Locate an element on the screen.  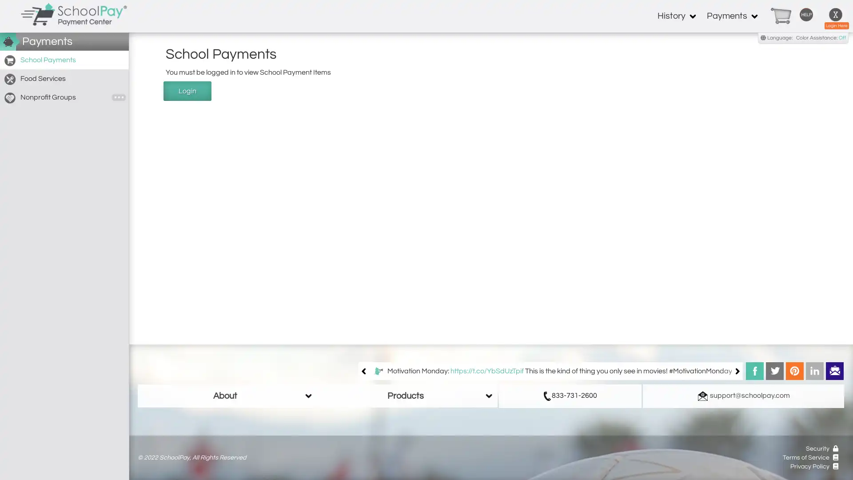
Scroll Left Arrow is located at coordinates (373, 370).